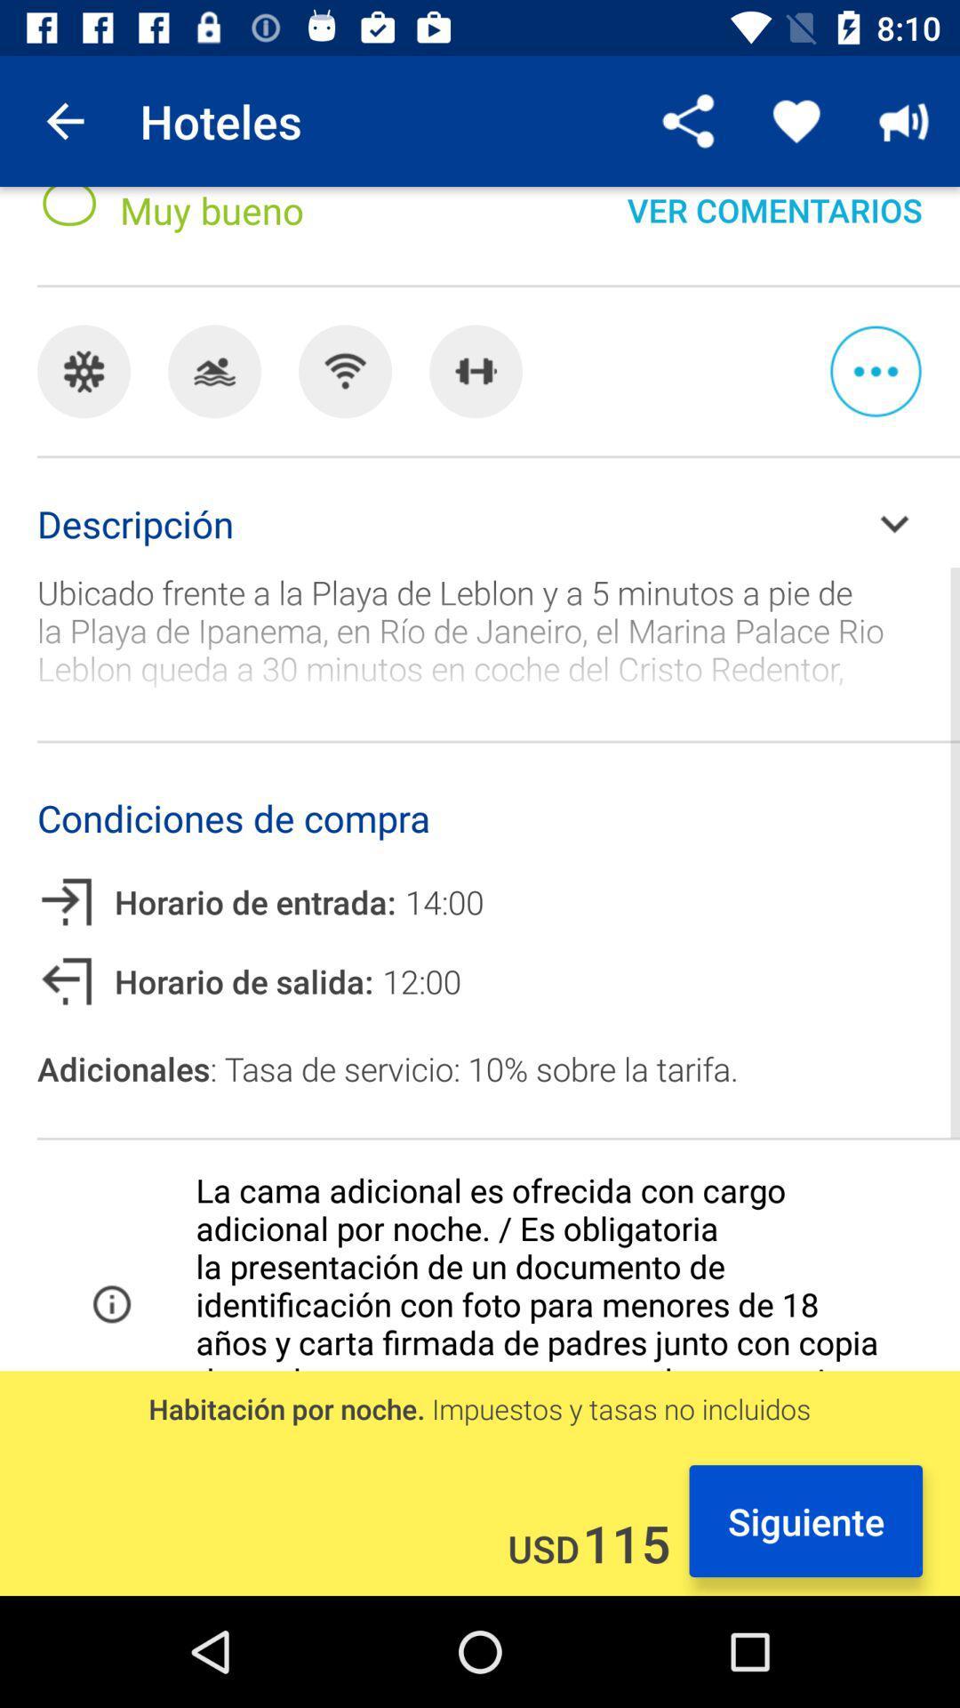 This screenshot has width=960, height=1708. Describe the element at coordinates (688, 120) in the screenshot. I see `the item above ver comentarios` at that location.